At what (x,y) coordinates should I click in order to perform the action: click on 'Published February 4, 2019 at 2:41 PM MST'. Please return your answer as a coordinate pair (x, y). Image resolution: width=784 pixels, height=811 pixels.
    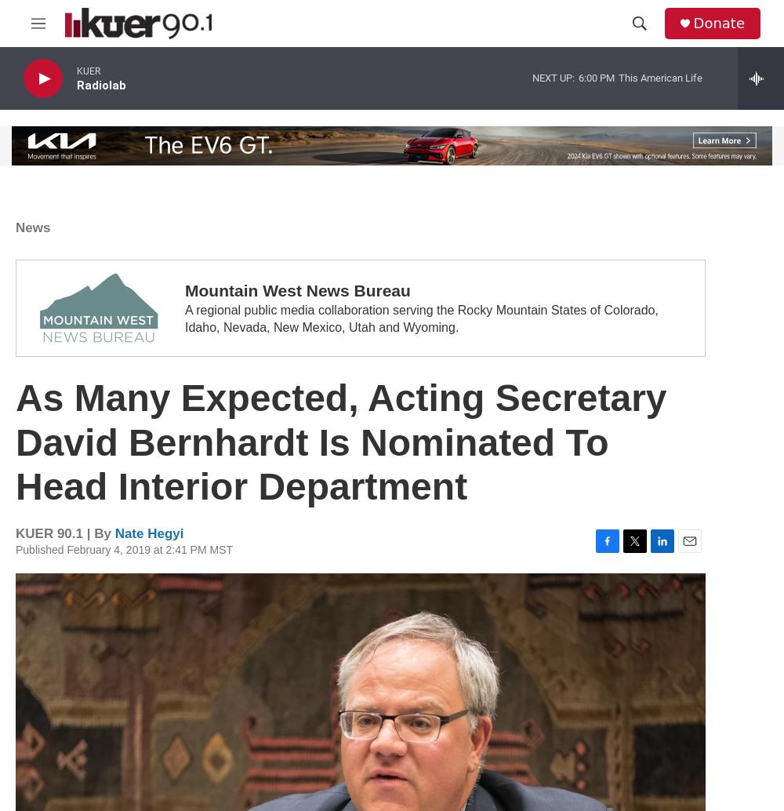
    Looking at the image, I should click on (124, 549).